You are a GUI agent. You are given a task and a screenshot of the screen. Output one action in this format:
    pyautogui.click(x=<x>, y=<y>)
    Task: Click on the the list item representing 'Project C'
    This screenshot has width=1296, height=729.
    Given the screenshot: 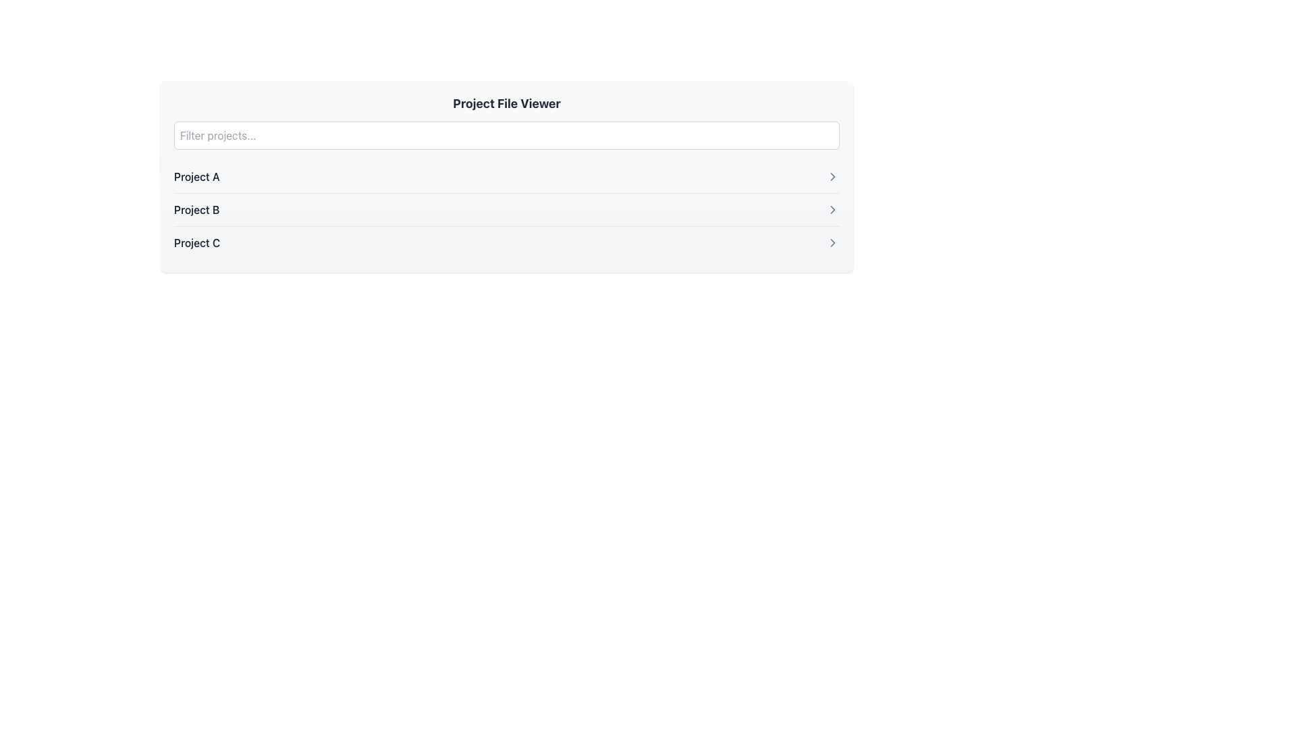 What is the action you would take?
    pyautogui.click(x=506, y=242)
    